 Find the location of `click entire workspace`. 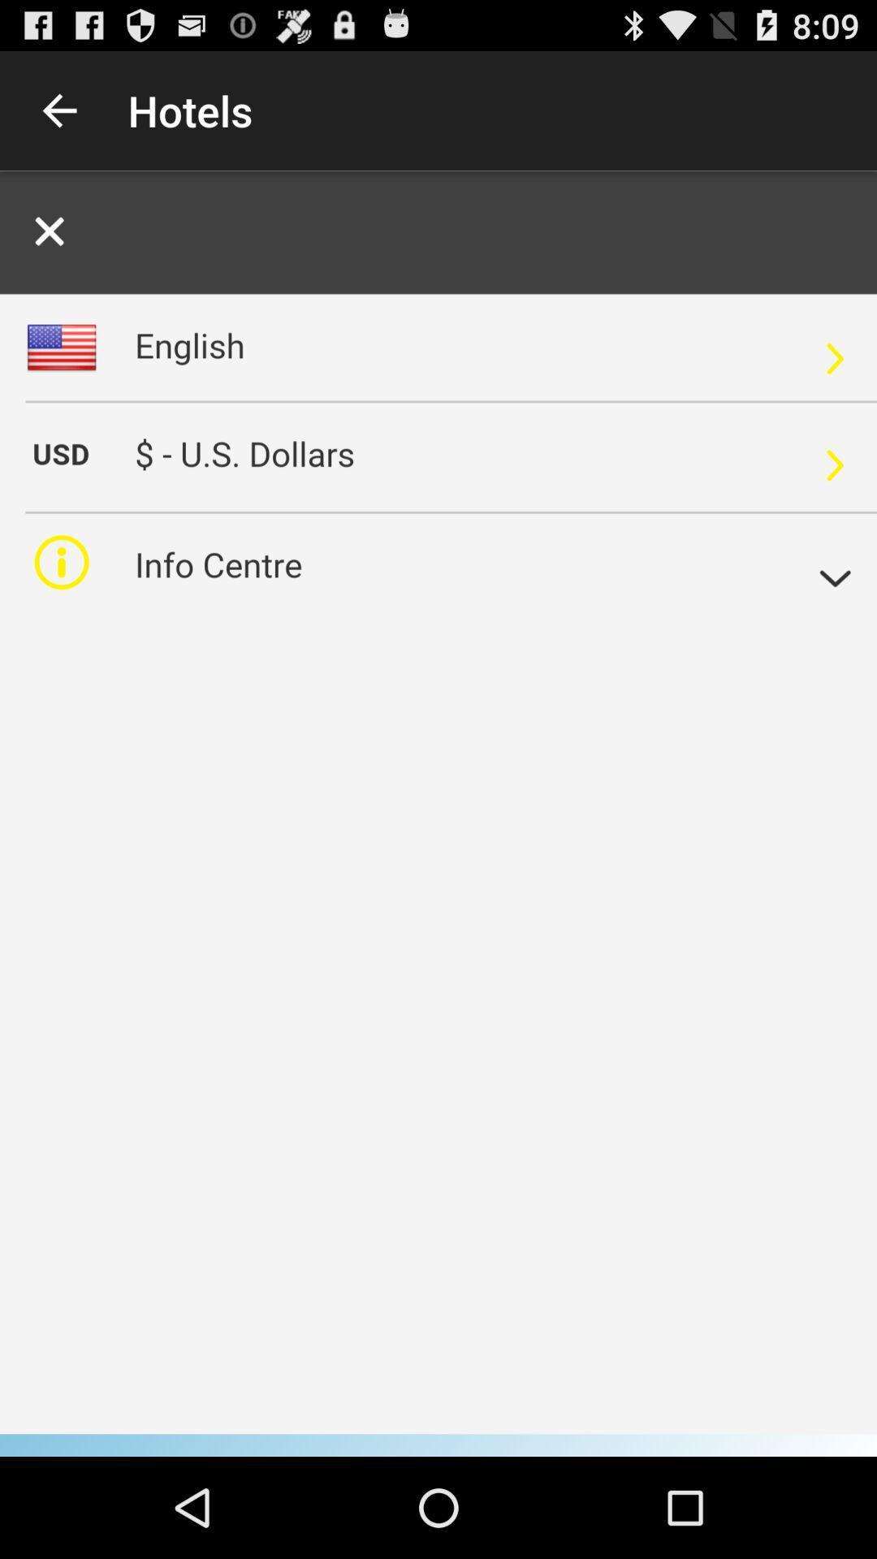

click entire workspace is located at coordinates (438, 814).